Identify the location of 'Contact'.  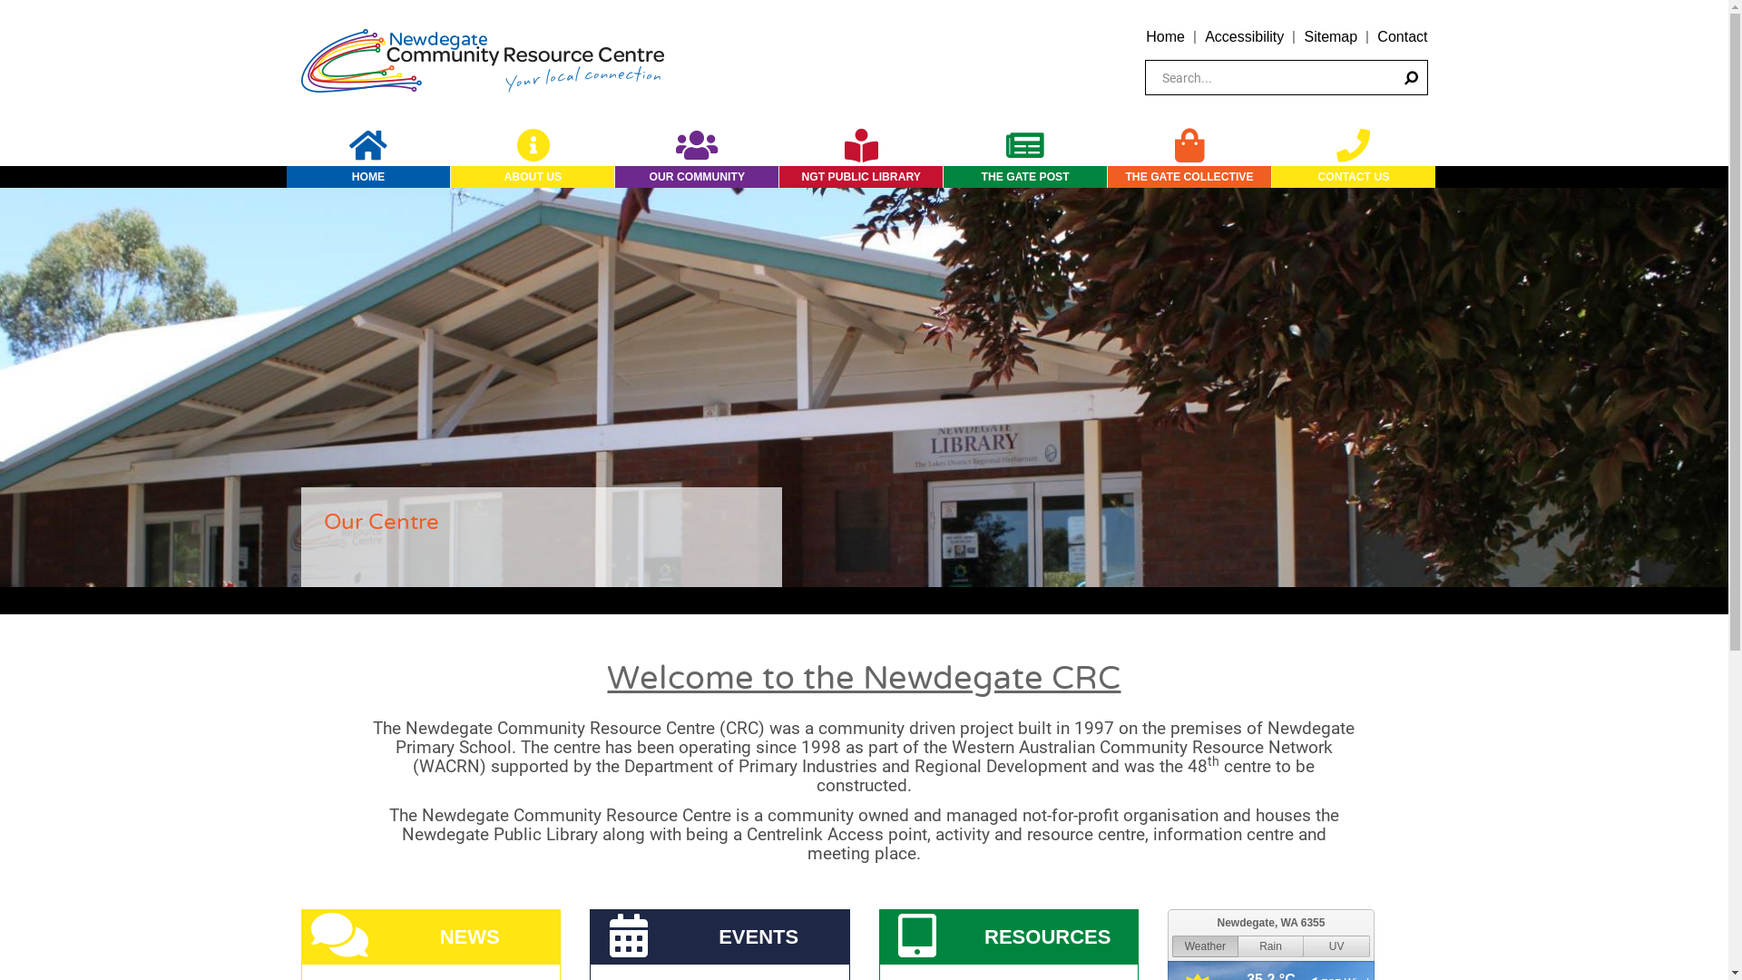
(1401, 36).